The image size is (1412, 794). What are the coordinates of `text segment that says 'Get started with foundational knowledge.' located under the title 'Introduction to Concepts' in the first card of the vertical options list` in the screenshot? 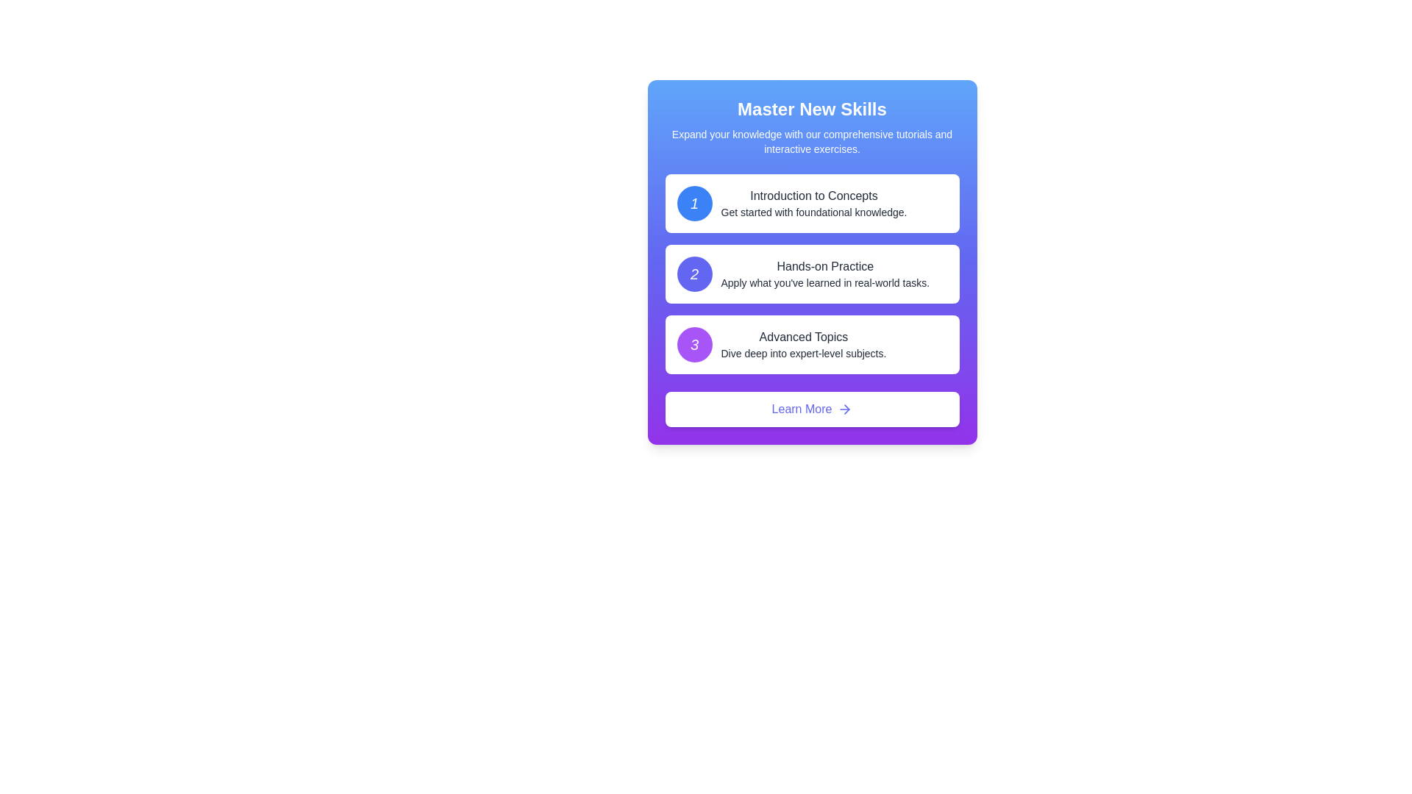 It's located at (813, 212).